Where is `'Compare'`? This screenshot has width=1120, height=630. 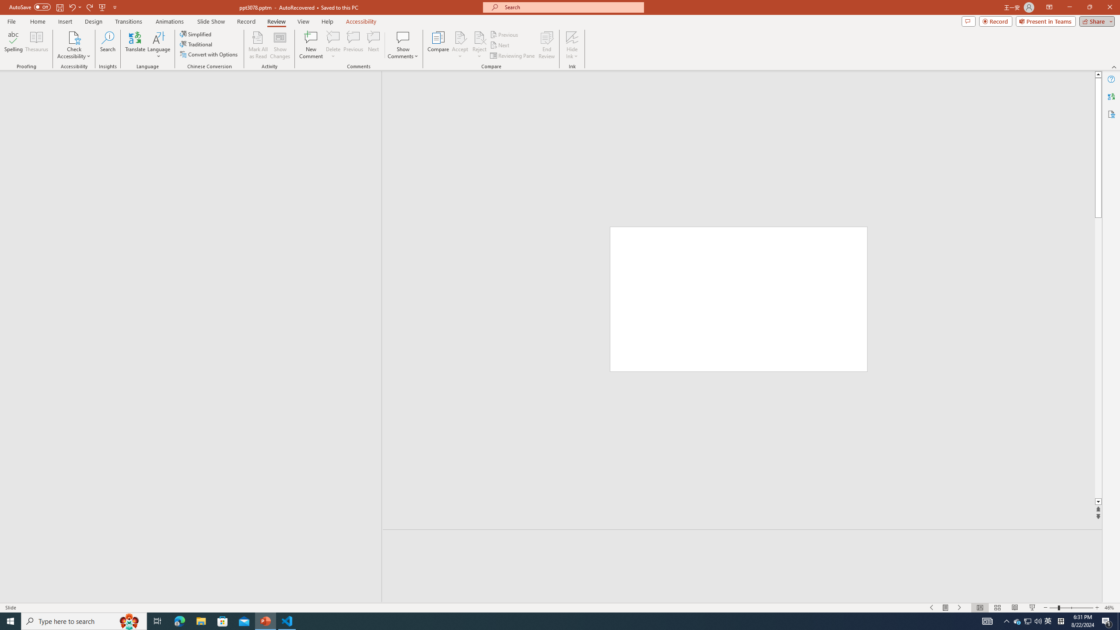 'Compare' is located at coordinates (438, 45).